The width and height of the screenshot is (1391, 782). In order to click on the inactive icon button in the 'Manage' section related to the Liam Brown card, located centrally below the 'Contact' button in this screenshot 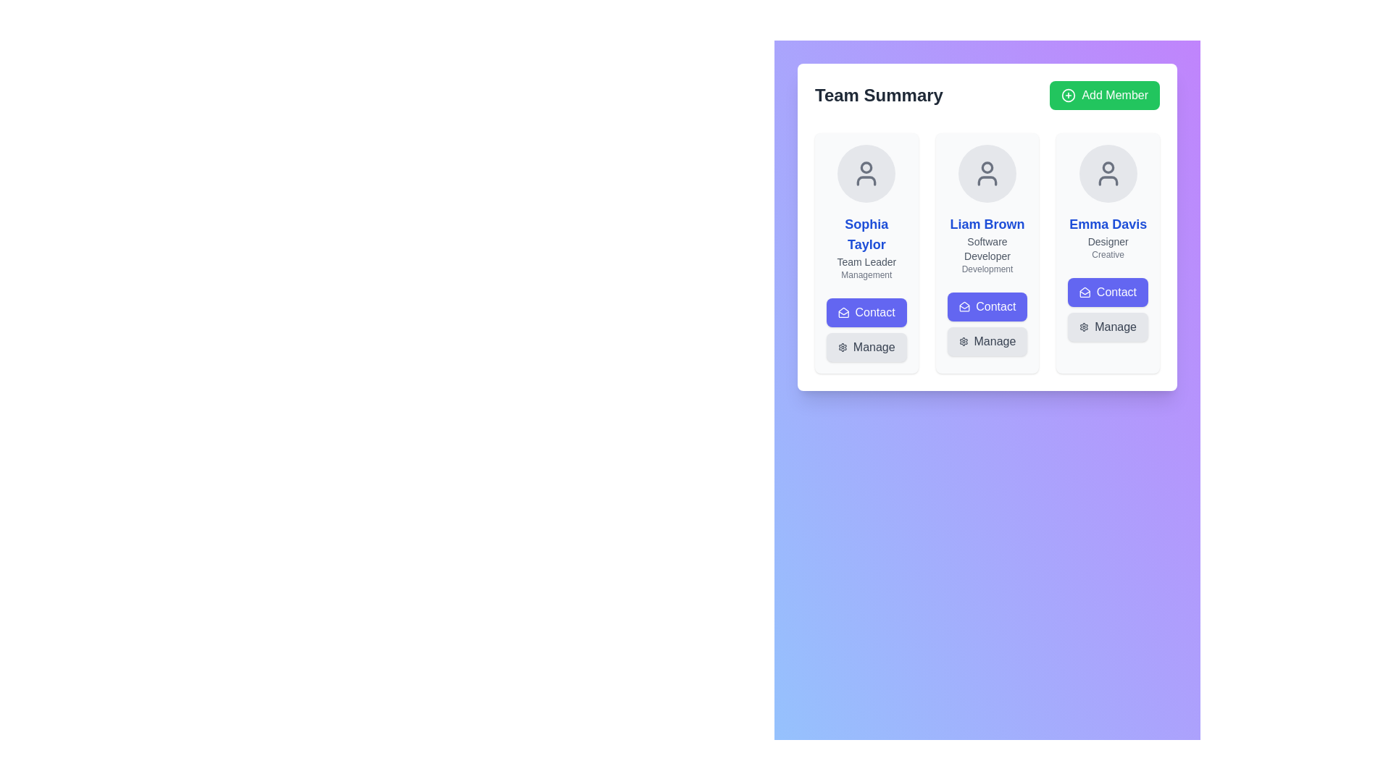, I will do `click(963, 341)`.